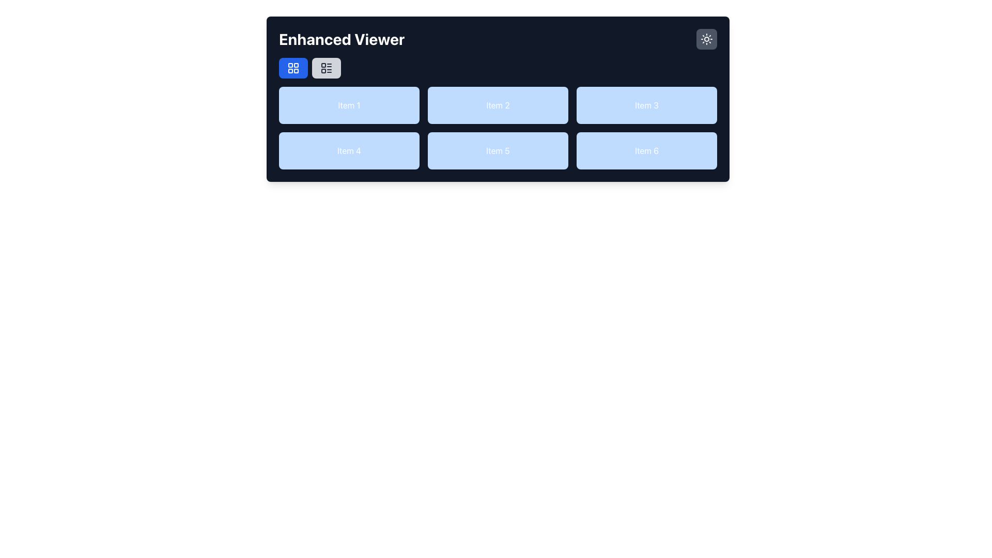 The image size is (992, 558). Describe the element at coordinates (498, 127) in the screenshot. I see `the 'Item 5' text label, which is the second item in the second row of a grid layout with a light blue background and white text` at that location.